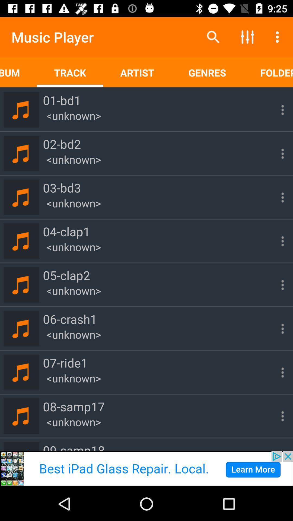 The width and height of the screenshot is (293, 521). What do you see at coordinates (277, 372) in the screenshot?
I see `three dots which is beside 07ride1` at bounding box center [277, 372].